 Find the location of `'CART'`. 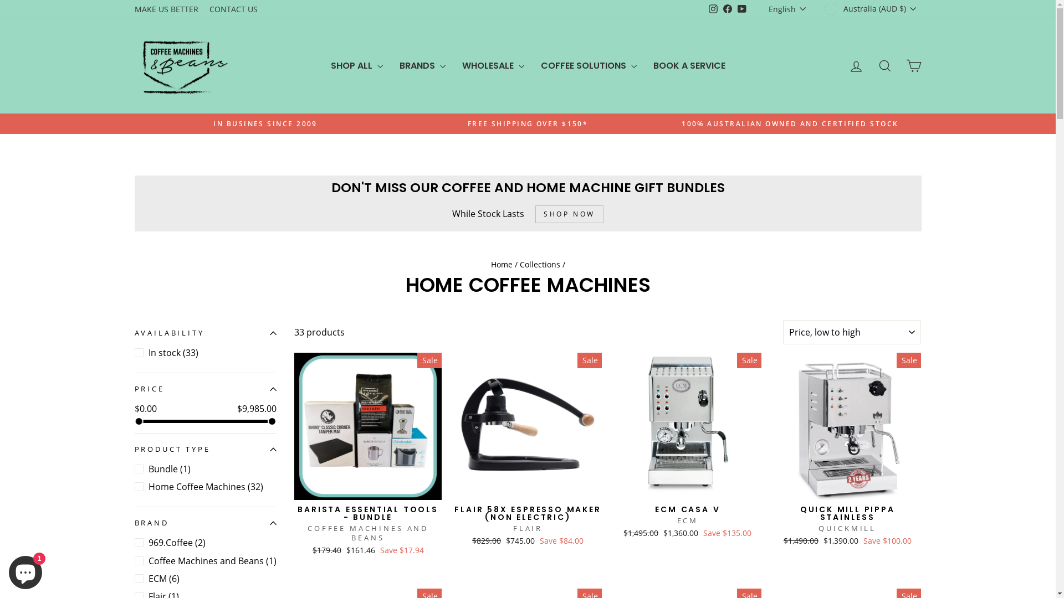

'CART' is located at coordinates (913, 66).